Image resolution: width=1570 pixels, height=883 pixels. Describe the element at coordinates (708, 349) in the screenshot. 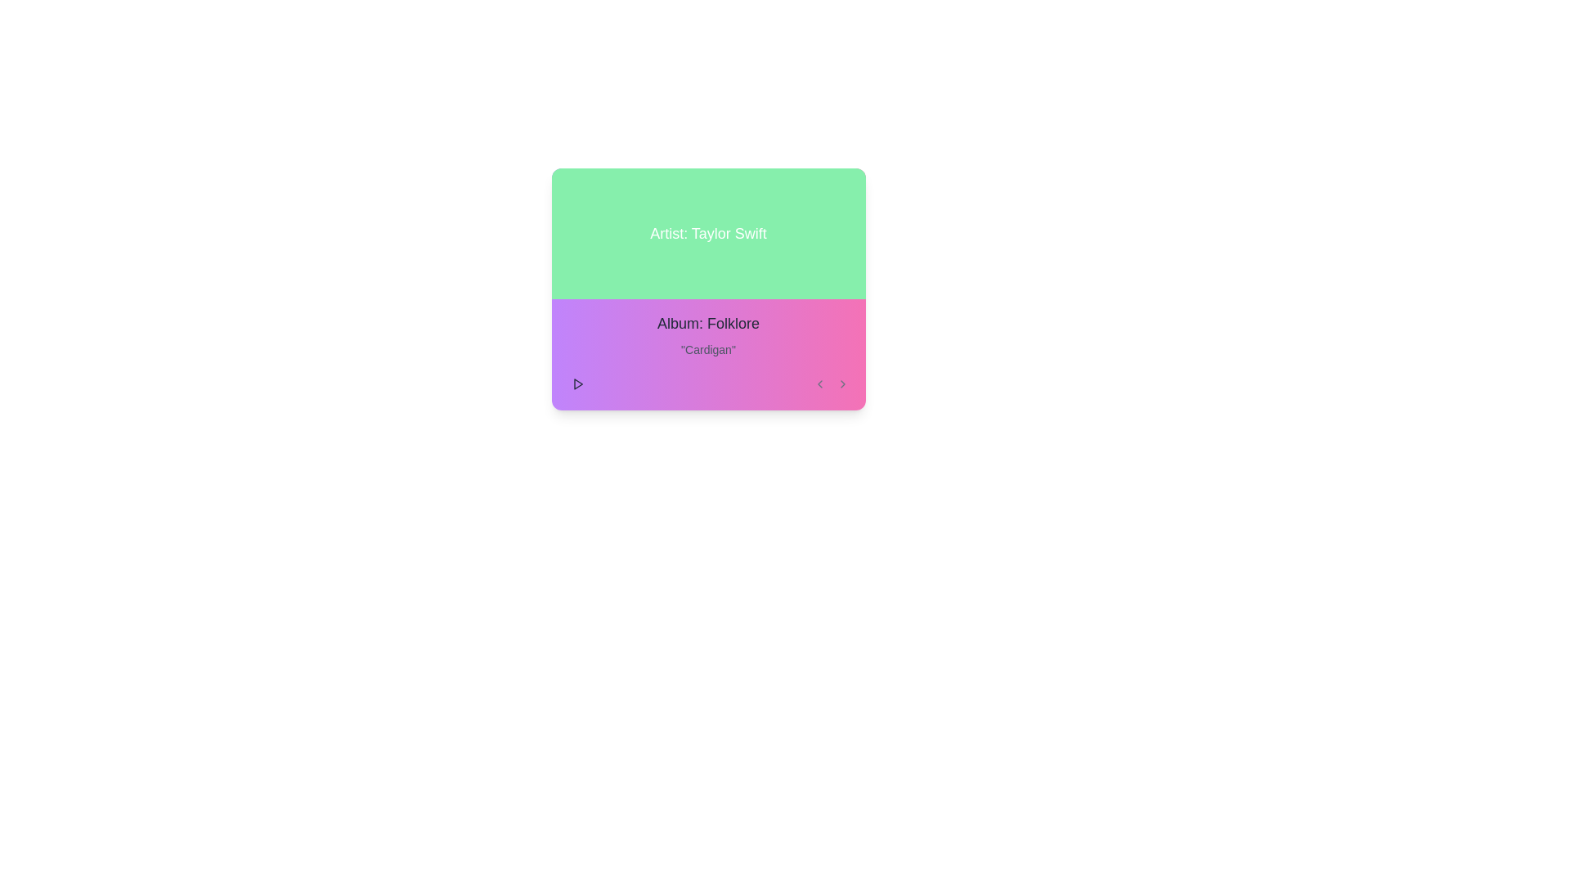

I see `the text label displaying the song title 'Cardigan' which is located beneath 'Album: Folklore'` at that location.